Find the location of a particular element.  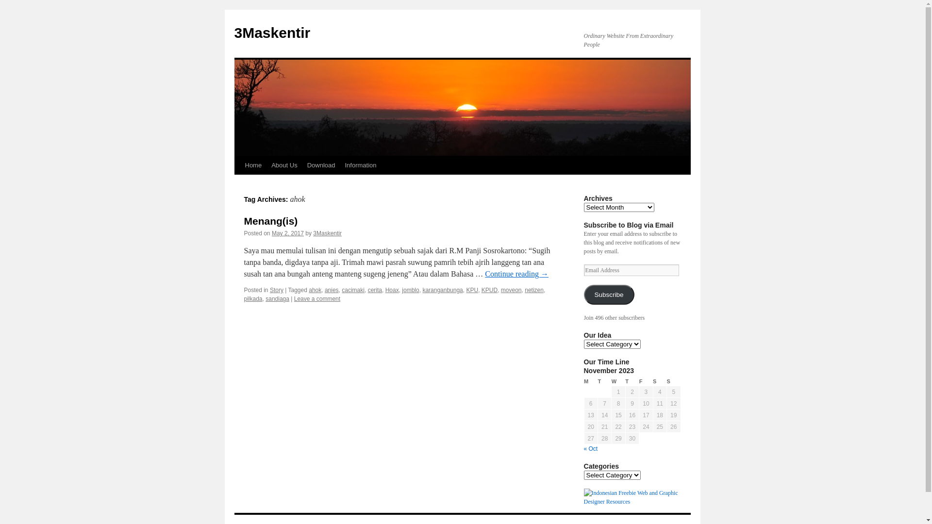

'Information' is located at coordinates (340, 164).